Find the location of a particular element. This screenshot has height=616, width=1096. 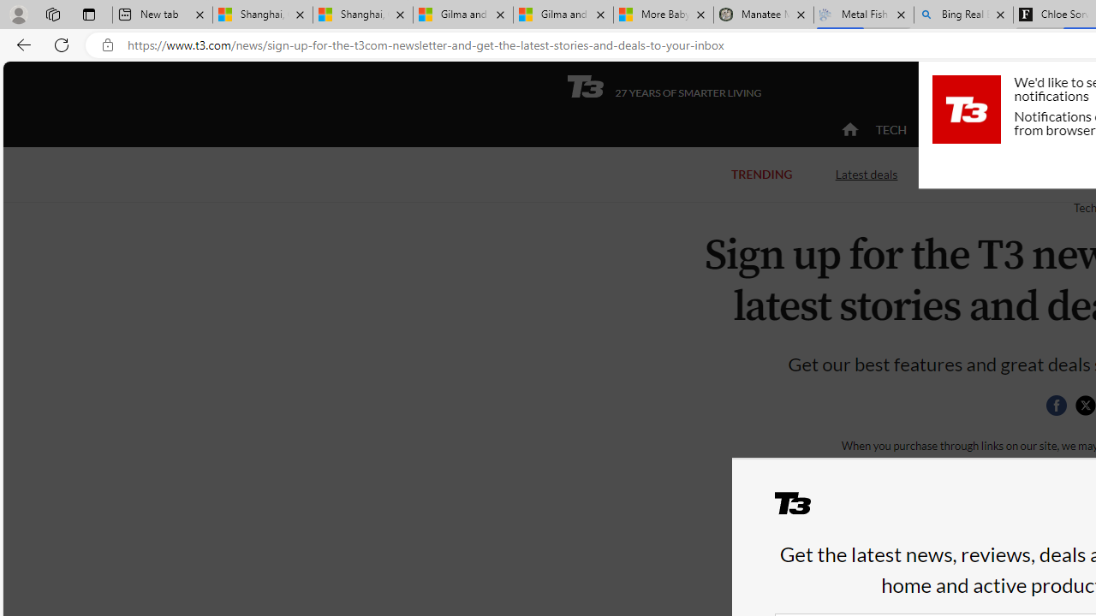

'Class: icon-svg' is located at coordinates (1084, 406).